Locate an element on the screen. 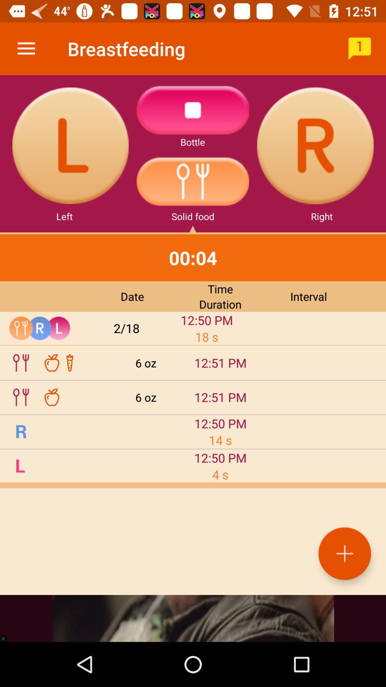 Image resolution: width=386 pixels, height=687 pixels. icon above bottle is located at coordinates (193, 109).